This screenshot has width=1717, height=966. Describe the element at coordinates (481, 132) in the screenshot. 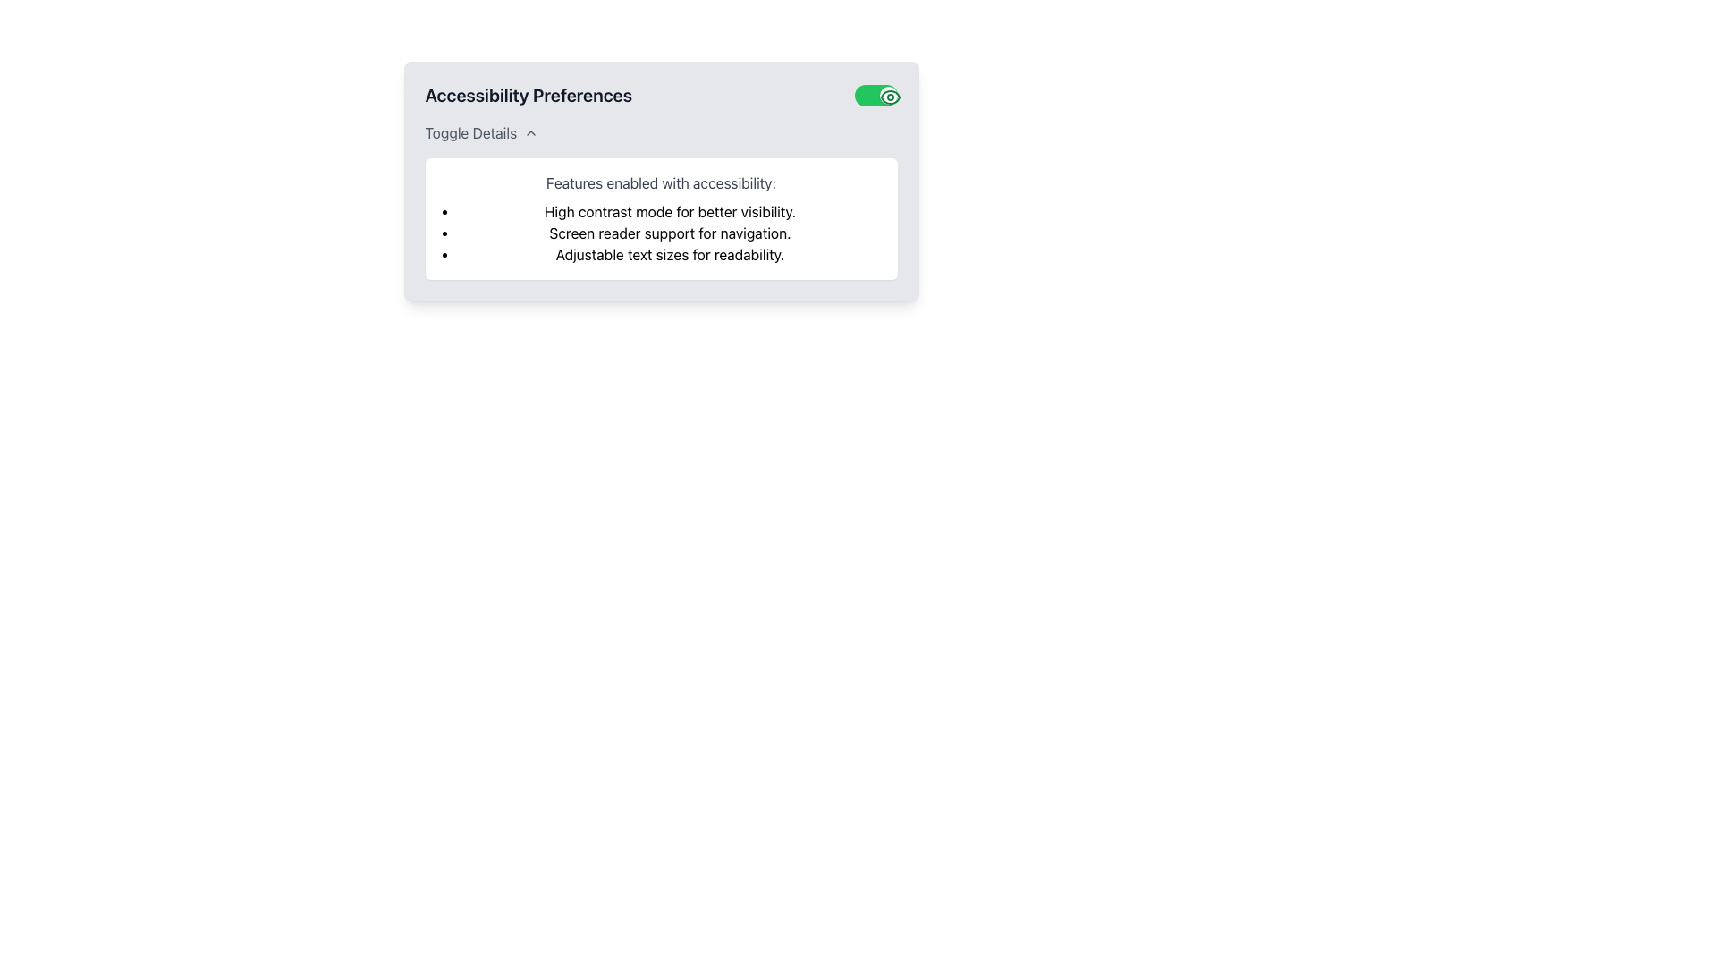

I see `the button with an icon located at the top of the 'Accessibility Preferences' section` at that location.